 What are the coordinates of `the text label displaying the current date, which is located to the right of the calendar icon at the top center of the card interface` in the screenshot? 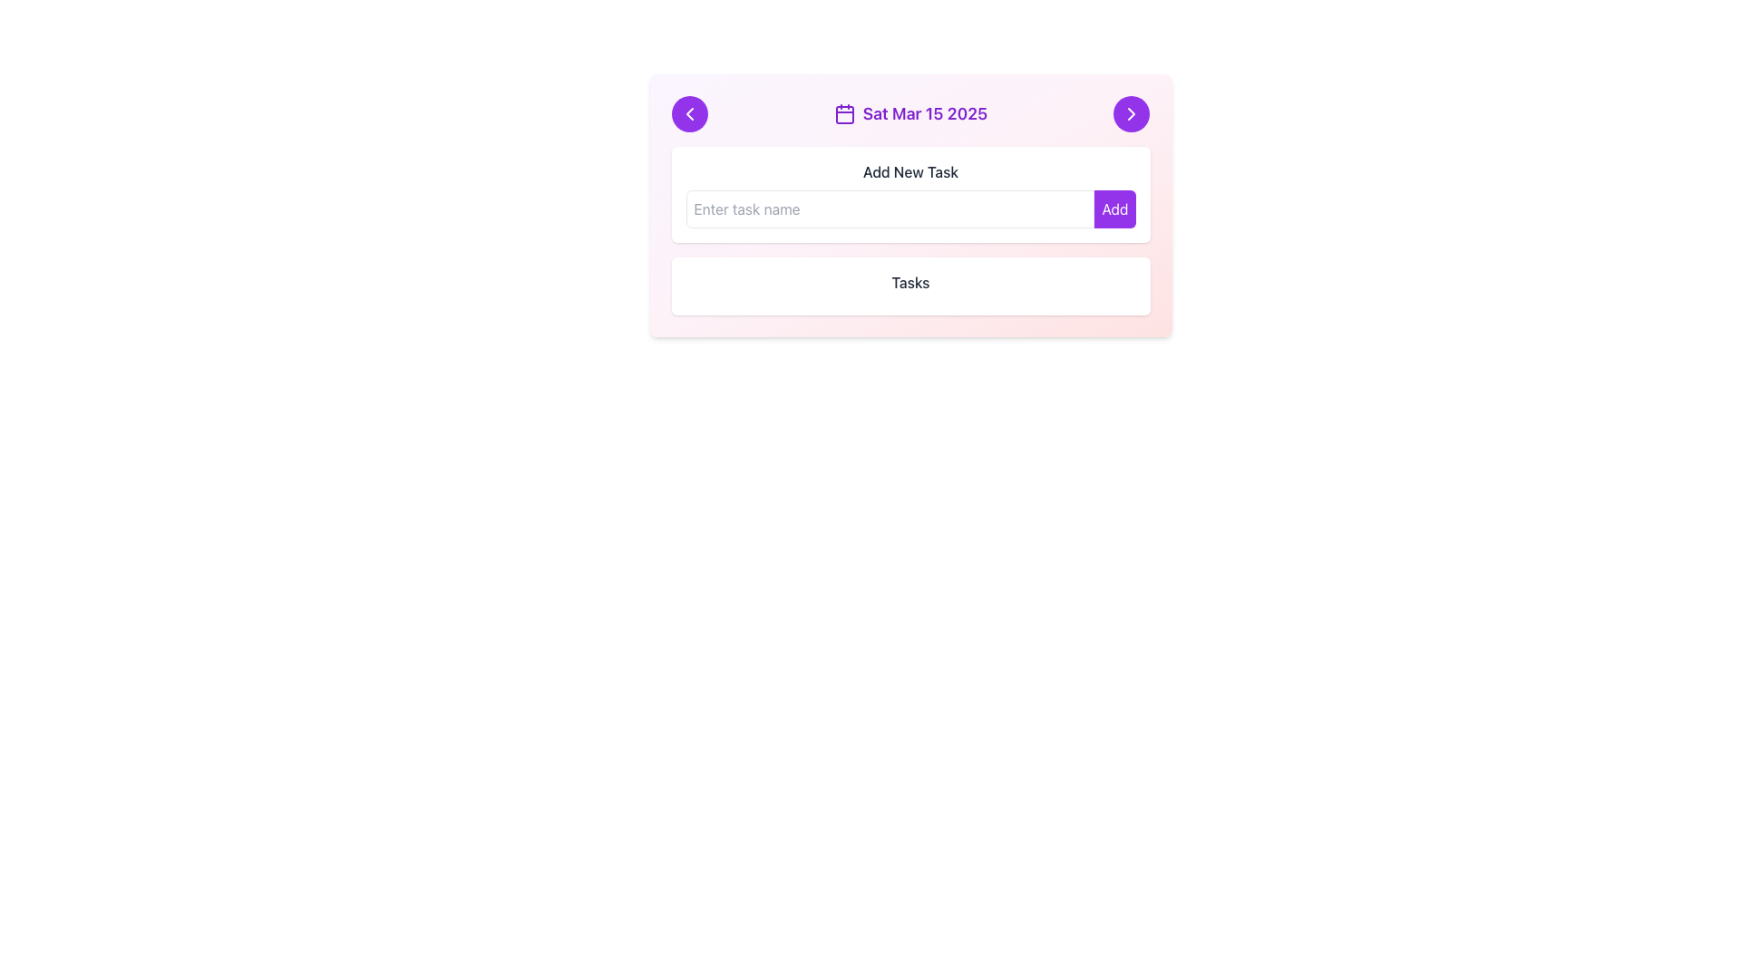 It's located at (925, 114).